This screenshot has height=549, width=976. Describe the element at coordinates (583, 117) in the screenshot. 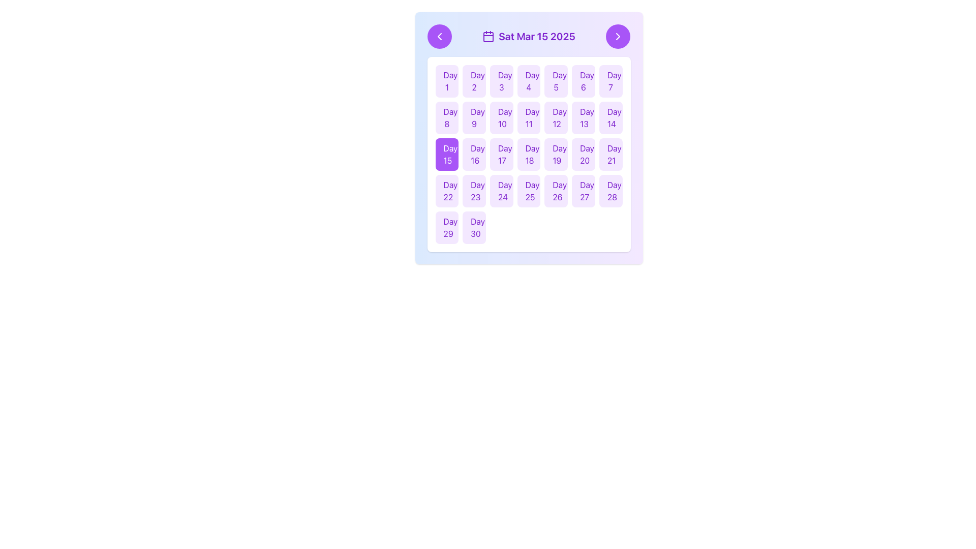

I see `the rectangular button labeled 'Day 13' with a bold purple font and a light purple background, which is located in the second row and seventh column of the grid layout` at that location.